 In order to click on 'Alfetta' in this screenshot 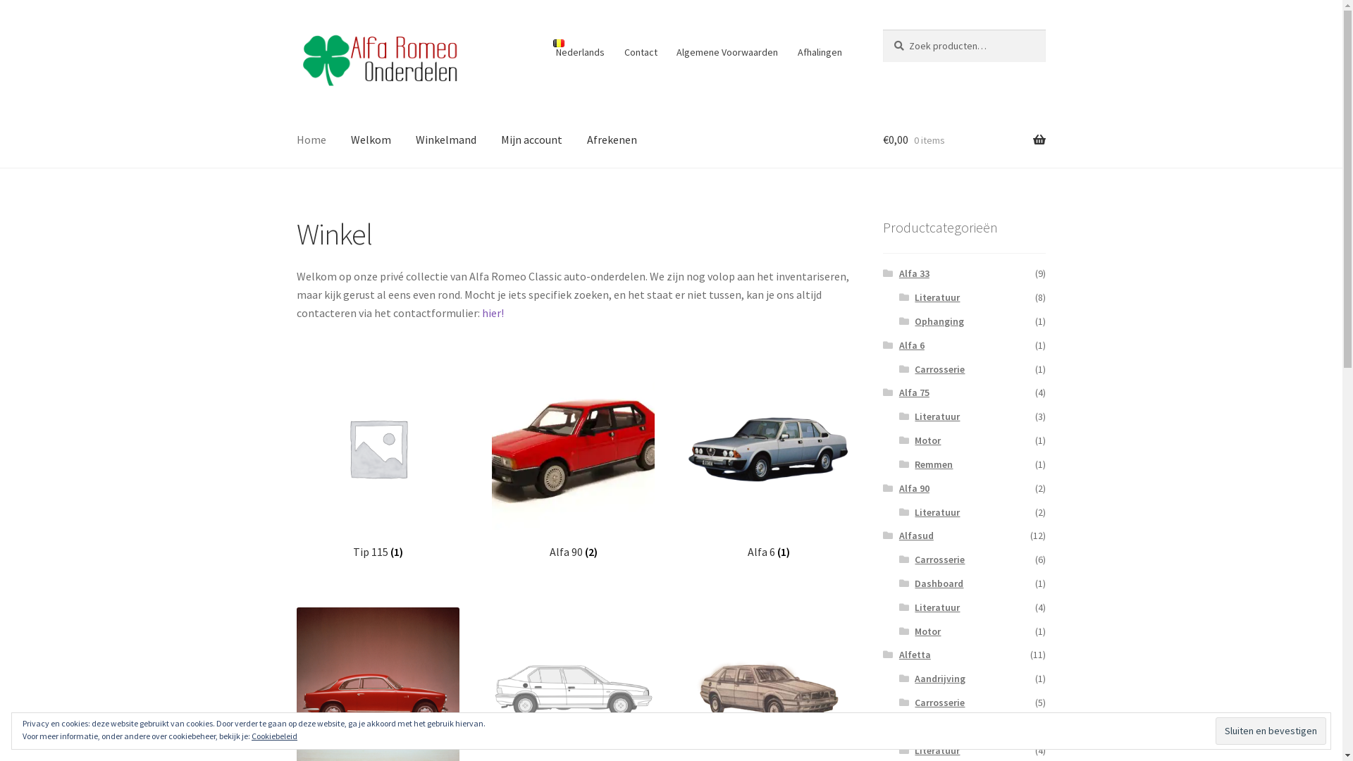, I will do `click(915, 655)`.